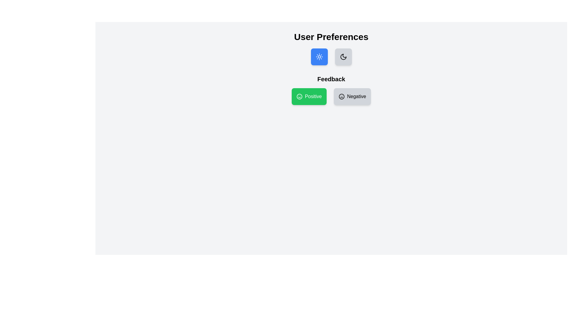 The height and width of the screenshot is (325, 578). What do you see at coordinates (331, 79) in the screenshot?
I see `the text label displaying 'Feedback', which is positioned directly below the 'User Preferences' heading and above the 'Positive' and 'Negative' buttons` at bounding box center [331, 79].